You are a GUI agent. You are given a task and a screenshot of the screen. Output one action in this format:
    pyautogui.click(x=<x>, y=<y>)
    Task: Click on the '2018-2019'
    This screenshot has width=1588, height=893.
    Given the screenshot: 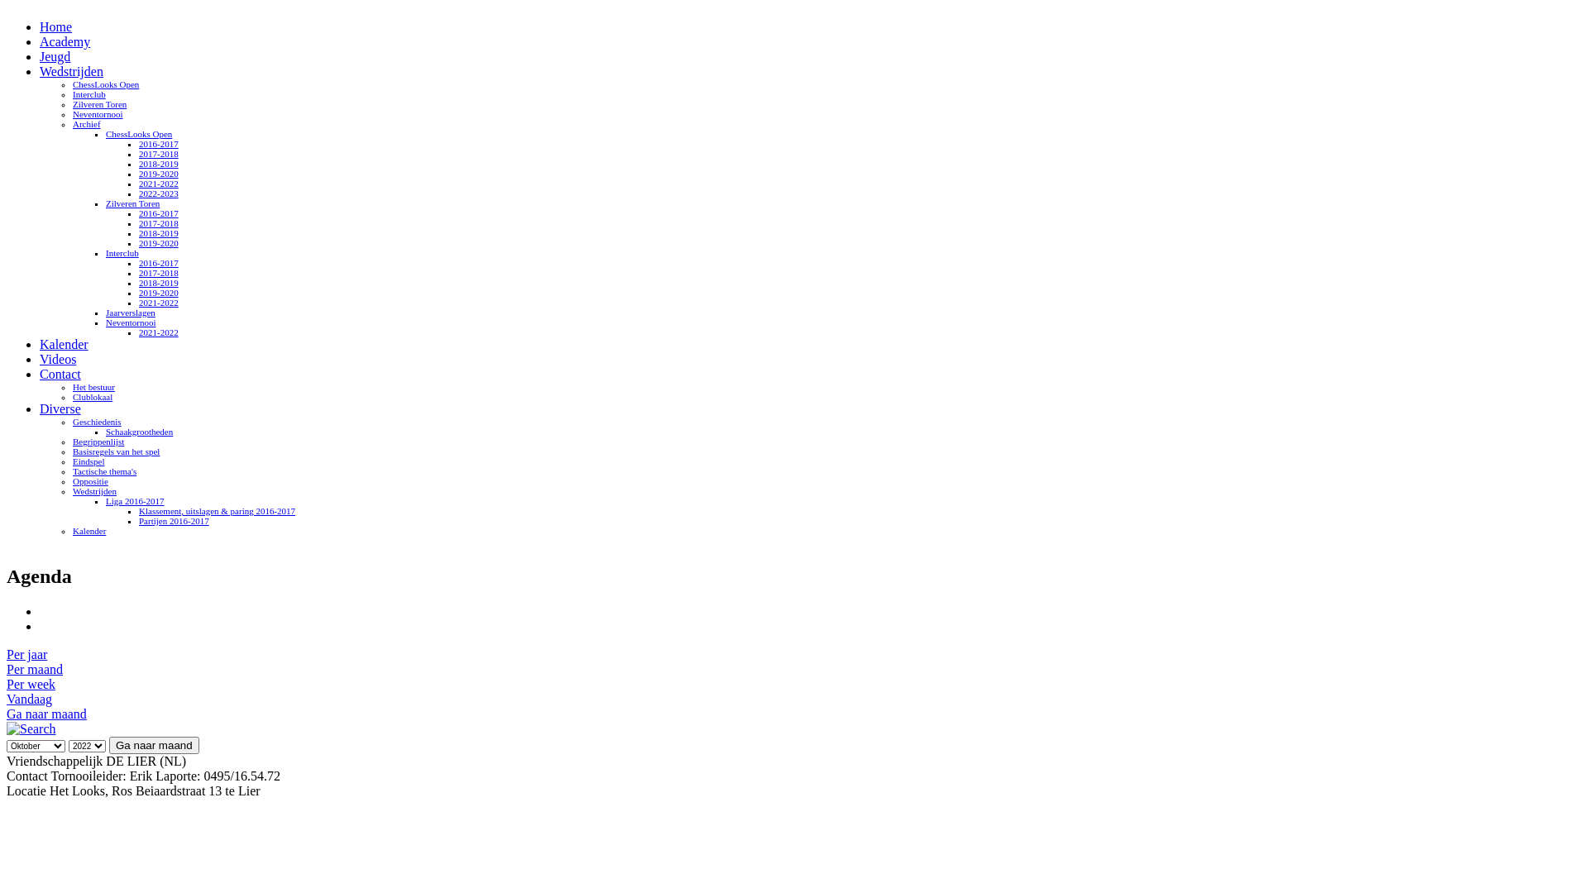 What is the action you would take?
    pyautogui.click(x=159, y=282)
    